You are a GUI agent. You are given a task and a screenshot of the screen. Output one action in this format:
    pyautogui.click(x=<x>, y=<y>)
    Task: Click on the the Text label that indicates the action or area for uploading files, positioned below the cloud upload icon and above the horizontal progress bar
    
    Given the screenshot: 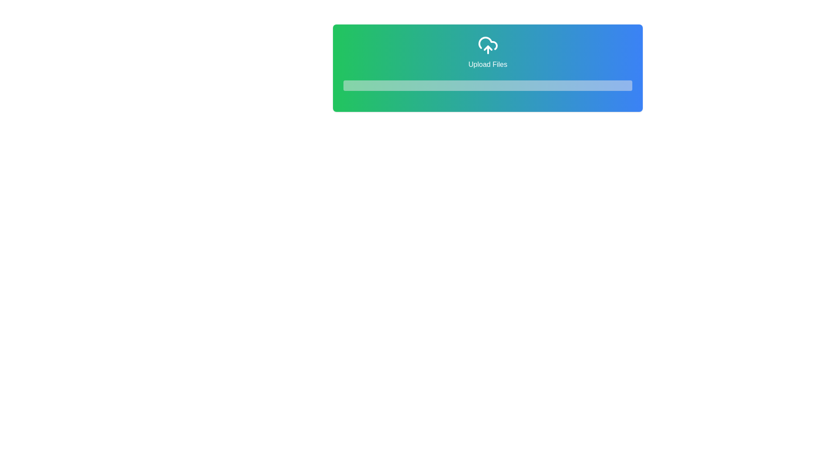 What is the action you would take?
    pyautogui.click(x=487, y=64)
    